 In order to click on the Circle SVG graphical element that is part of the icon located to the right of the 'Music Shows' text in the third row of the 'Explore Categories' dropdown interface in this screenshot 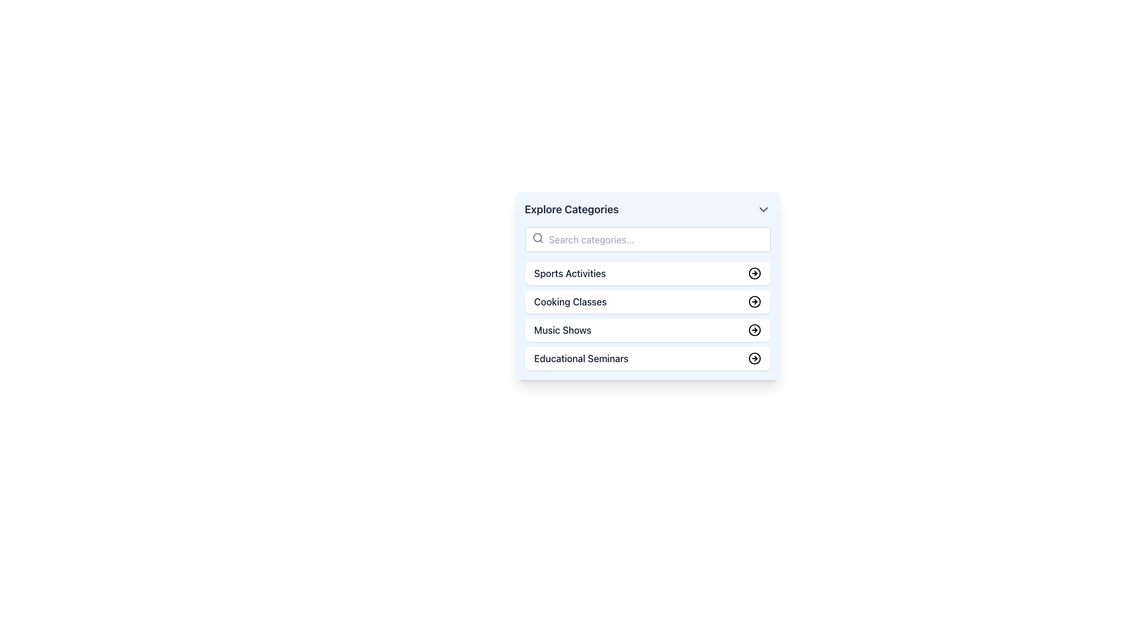, I will do `click(754, 330)`.